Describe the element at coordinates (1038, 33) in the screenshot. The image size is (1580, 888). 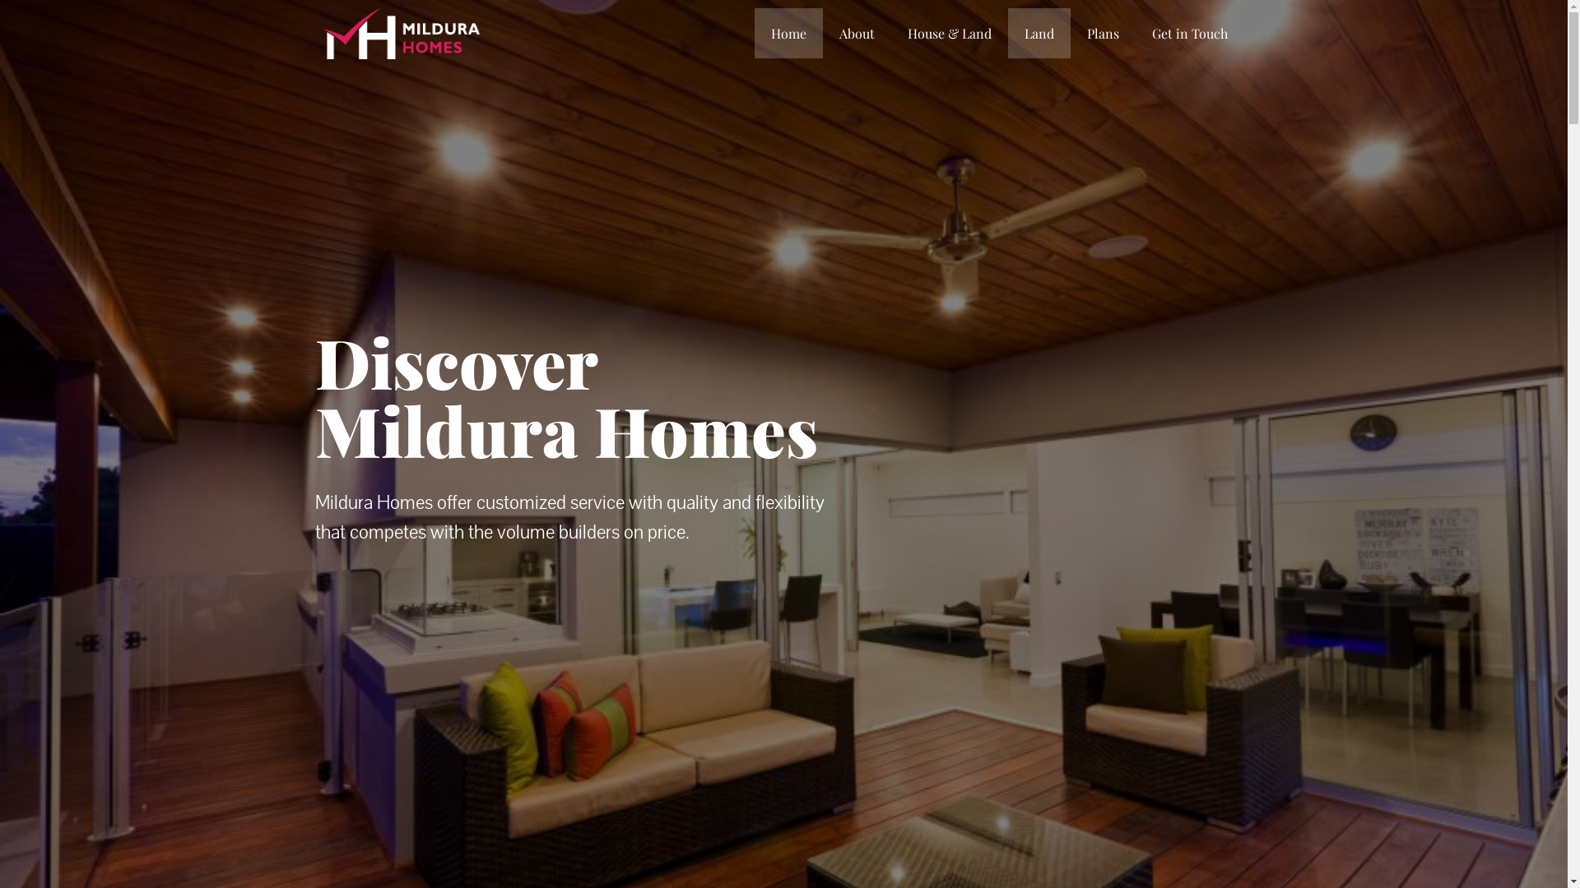
I see `'Land'` at that location.